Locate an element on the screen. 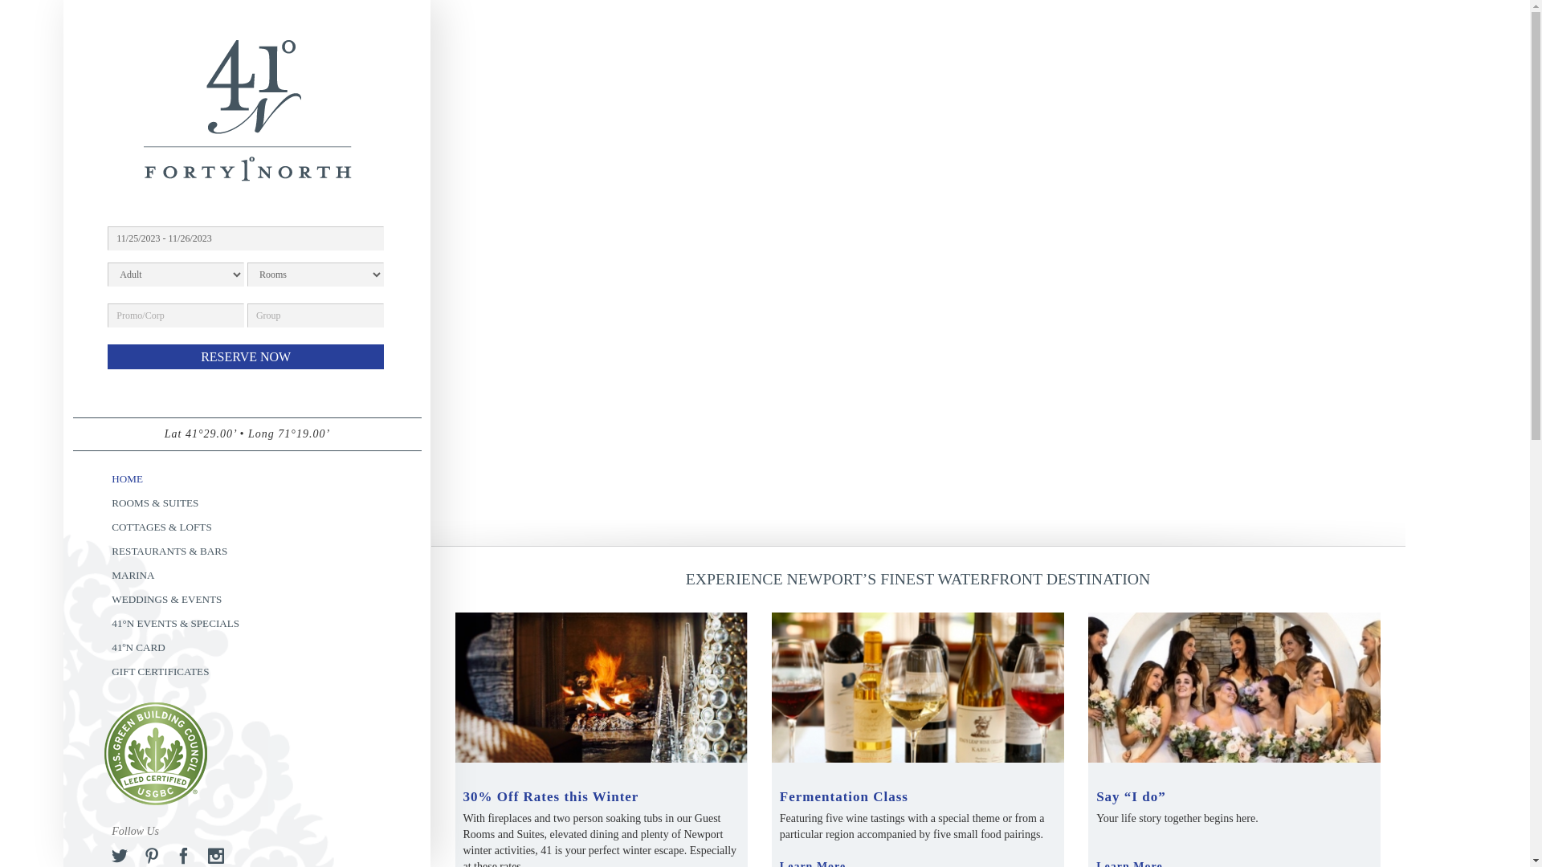 Image resolution: width=1542 pixels, height=867 pixels. 'Twitter' is located at coordinates (111, 854).